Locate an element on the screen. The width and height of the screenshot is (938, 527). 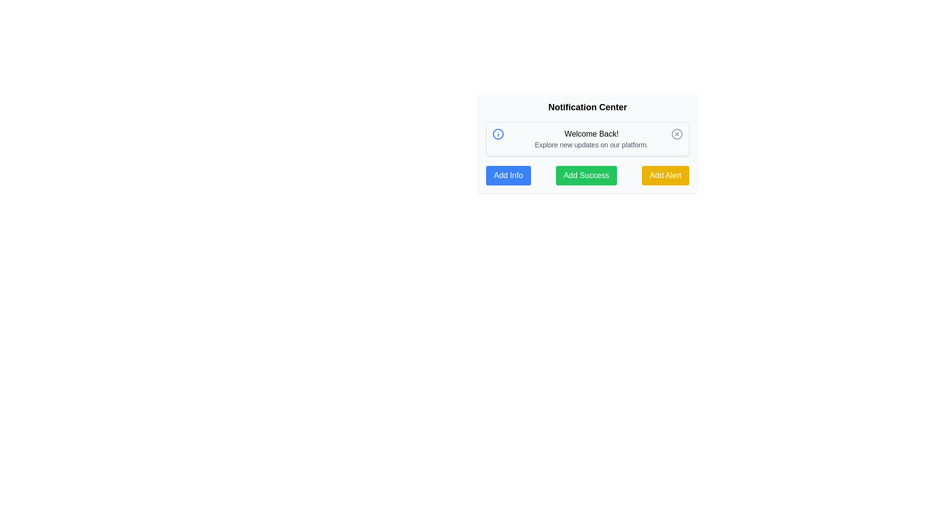
the circular SVG icon located in the upper region of the interface, which symbolizes a notification or close action is located at coordinates (677, 134).